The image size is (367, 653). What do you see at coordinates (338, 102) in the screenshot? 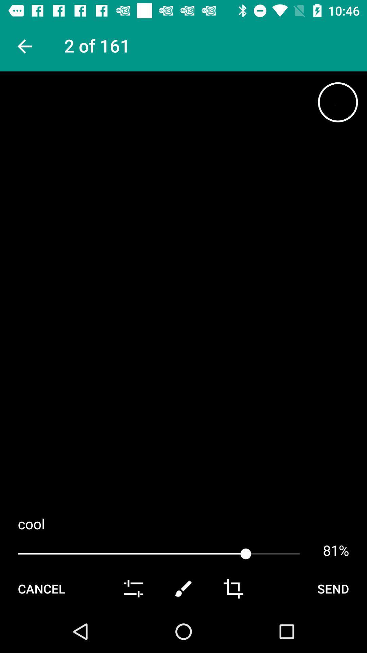
I see `the icon above the cool icon` at bounding box center [338, 102].